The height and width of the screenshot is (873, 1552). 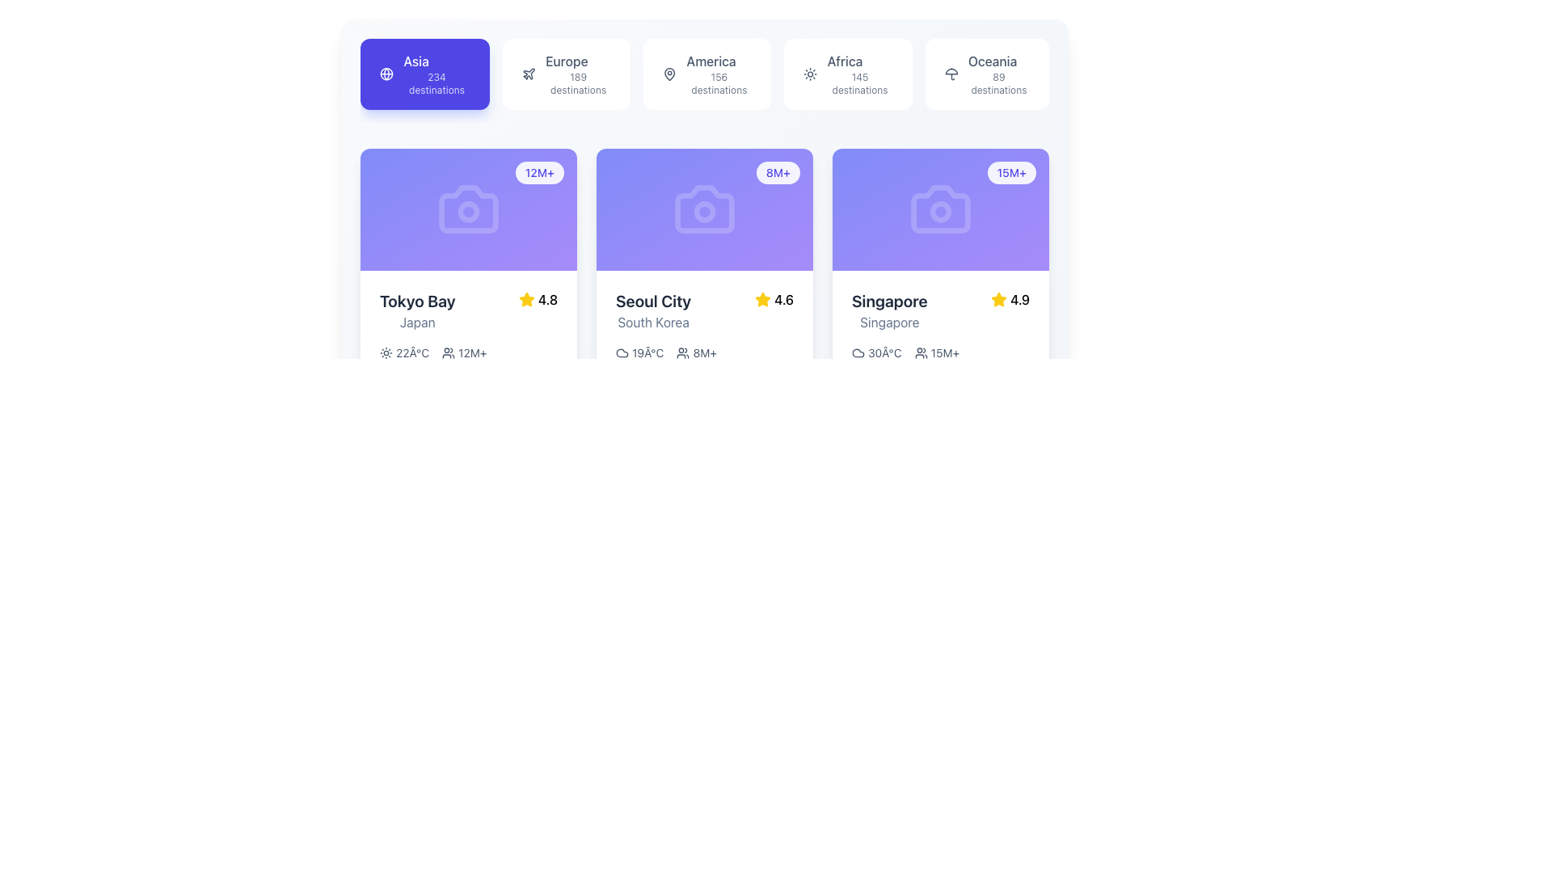 I want to click on the style of the yellow star icon used for the rating in the 'Seoul City, South Korea' card, which is highlighted and active, representing a rating value of '4.6', so click(x=762, y=299).